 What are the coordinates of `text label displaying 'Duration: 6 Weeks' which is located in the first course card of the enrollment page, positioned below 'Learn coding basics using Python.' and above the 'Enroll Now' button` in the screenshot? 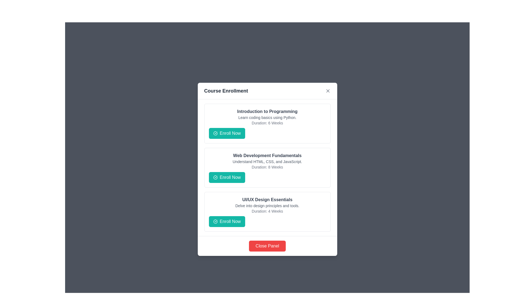 It's located at (267, 123).